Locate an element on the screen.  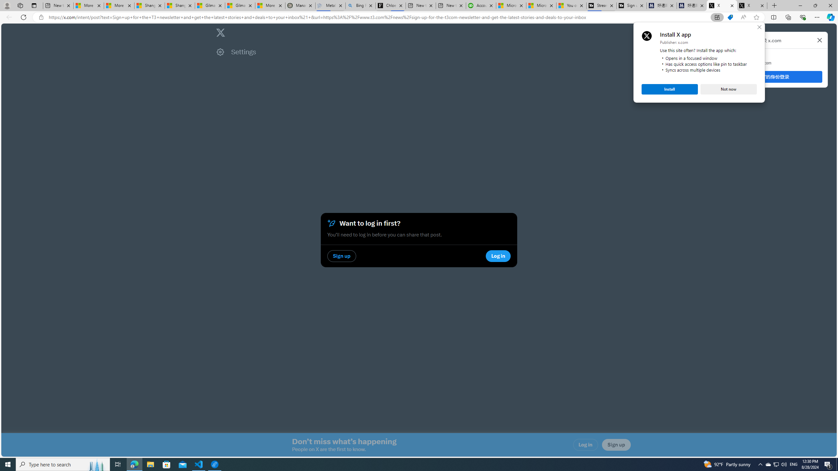
'Browser essentials' is located at coordinates (802, 17).